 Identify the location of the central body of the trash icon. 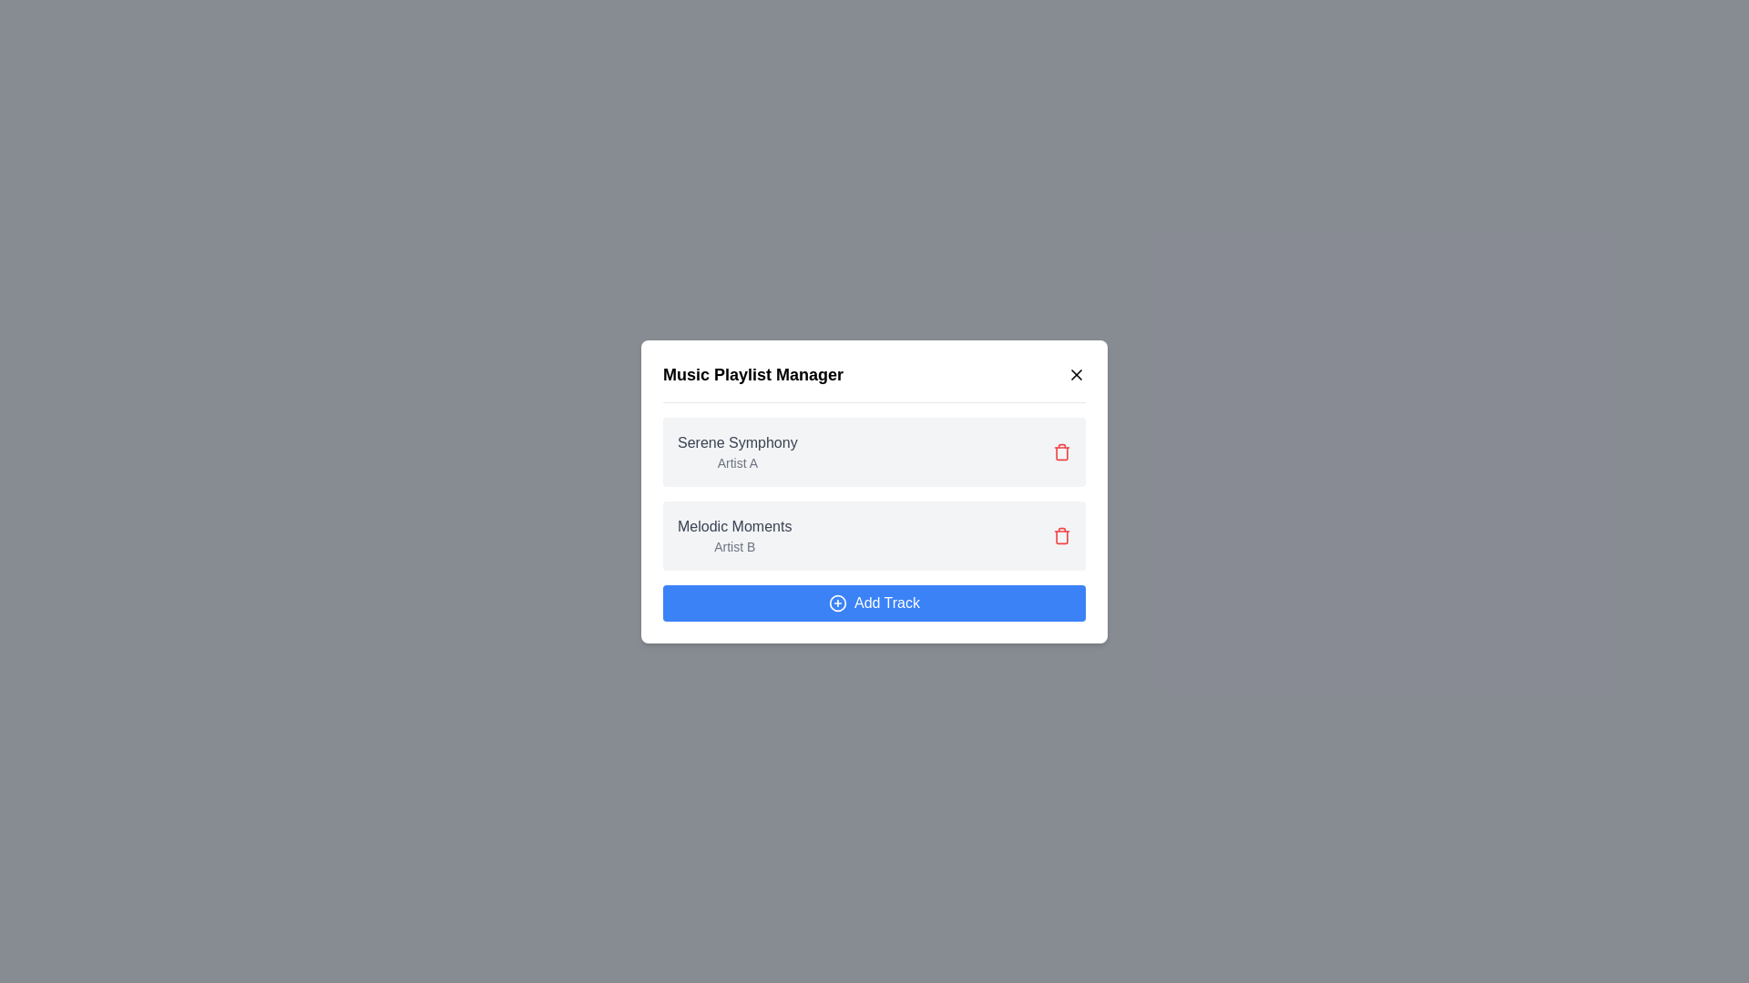
(1062, 536).